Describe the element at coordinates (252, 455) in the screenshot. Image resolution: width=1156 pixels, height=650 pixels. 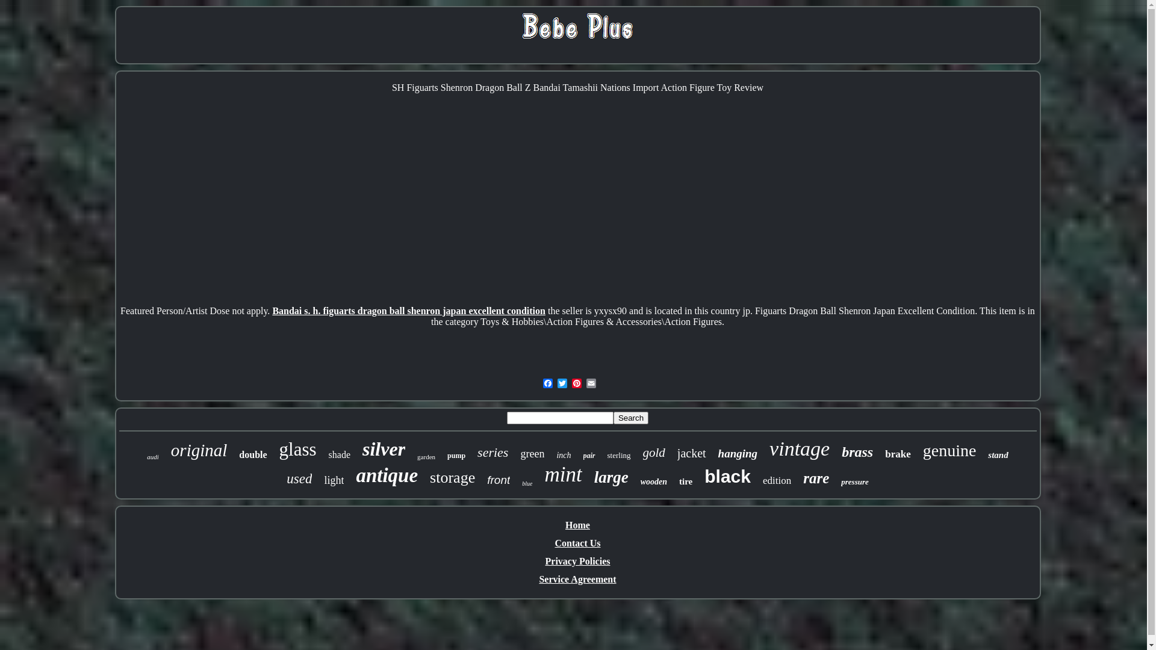
I see `'double'` at that location.